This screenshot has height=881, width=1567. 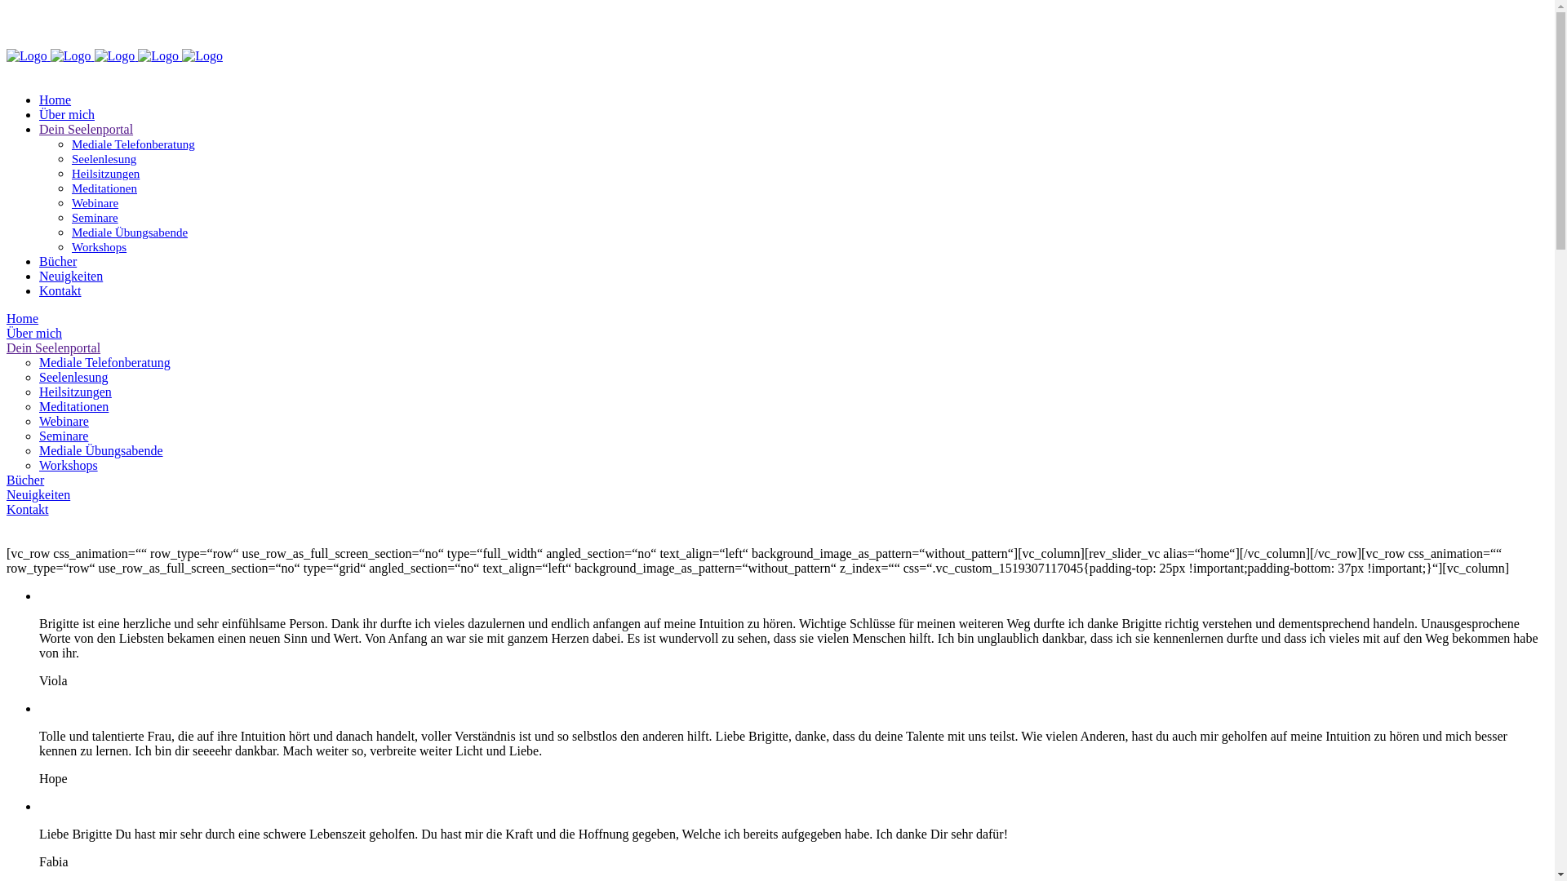 I want to click on 'Workshops', so click(x=98, y=247).